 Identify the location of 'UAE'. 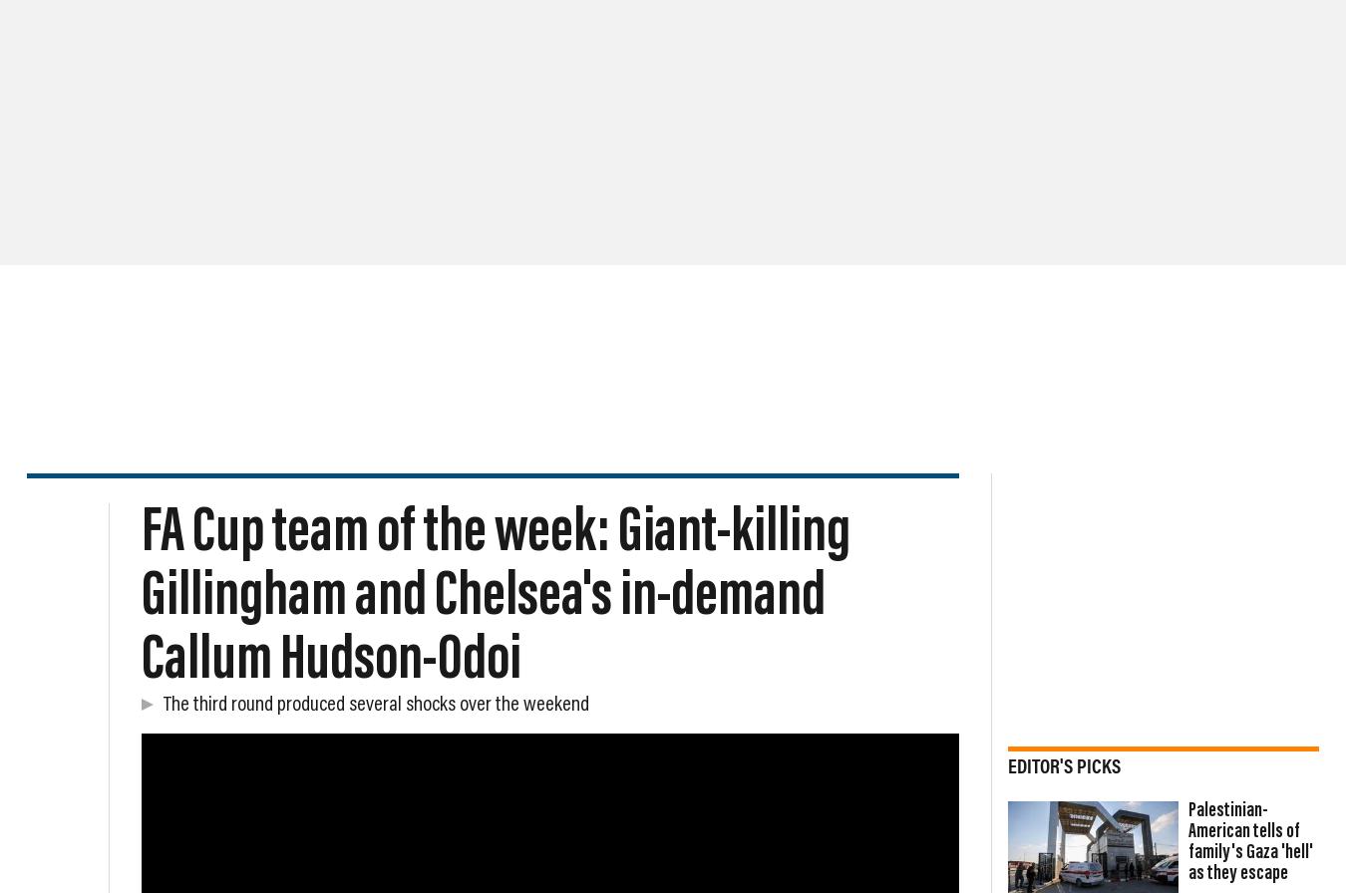
(72, 149).